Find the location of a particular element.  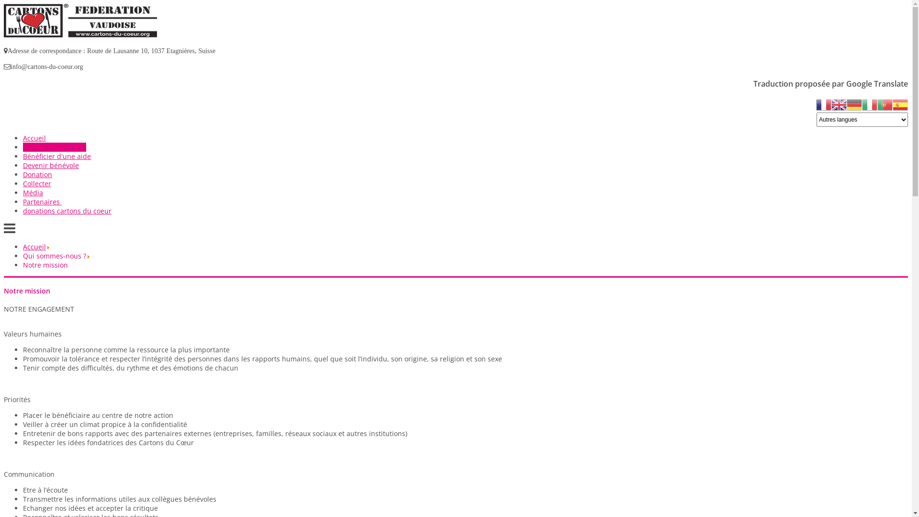

'Accueil' is located at coordinates (34, 246).